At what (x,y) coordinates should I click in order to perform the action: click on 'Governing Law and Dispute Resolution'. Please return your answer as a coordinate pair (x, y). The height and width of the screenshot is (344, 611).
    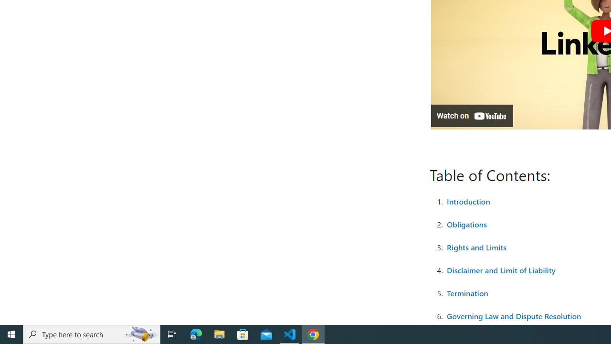
    Looking at the image, I should click on (514, 315).